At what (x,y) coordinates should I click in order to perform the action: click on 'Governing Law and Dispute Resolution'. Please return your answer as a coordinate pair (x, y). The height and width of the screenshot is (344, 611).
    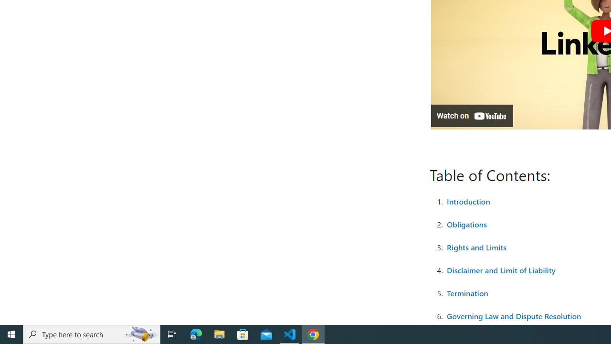
    Looking at the image, I should click on (514, 315).